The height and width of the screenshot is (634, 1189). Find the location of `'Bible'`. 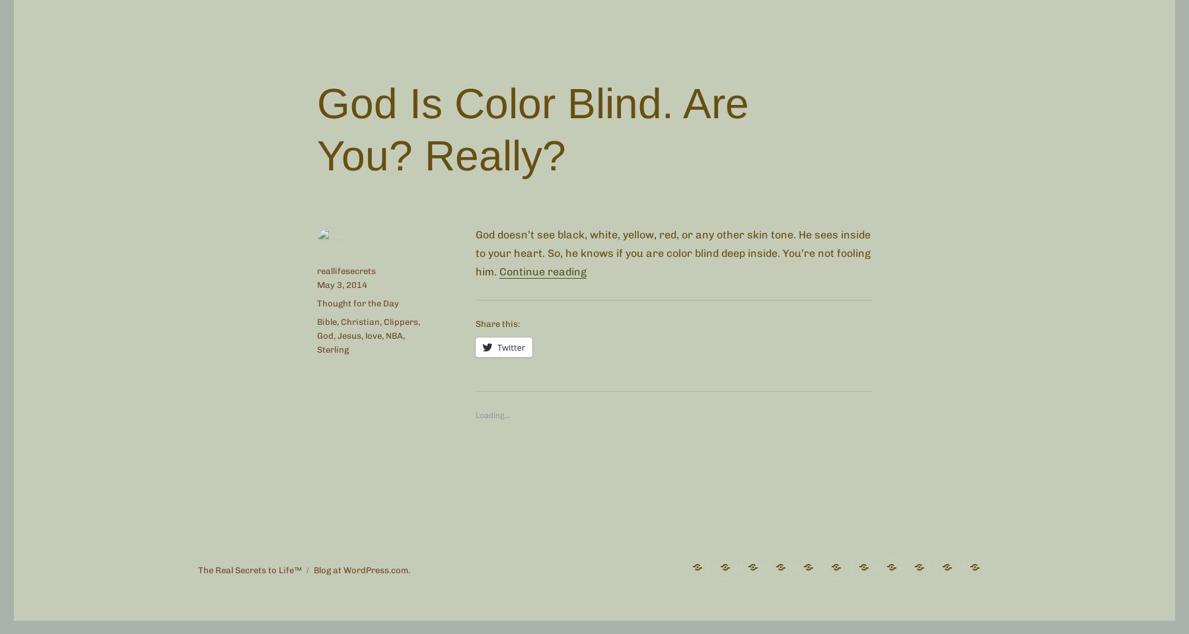

'Bible' is located at coordinates (326, 321).